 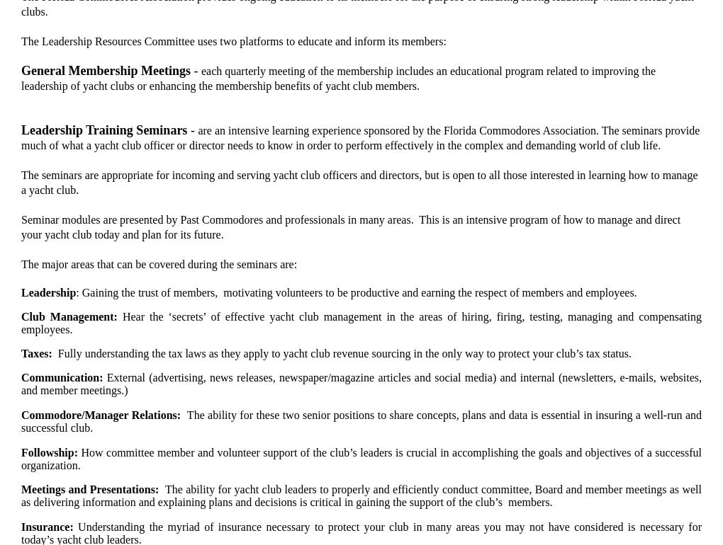 I want to click on 'Leadership Training Seminars', so click(x=103, y=130).